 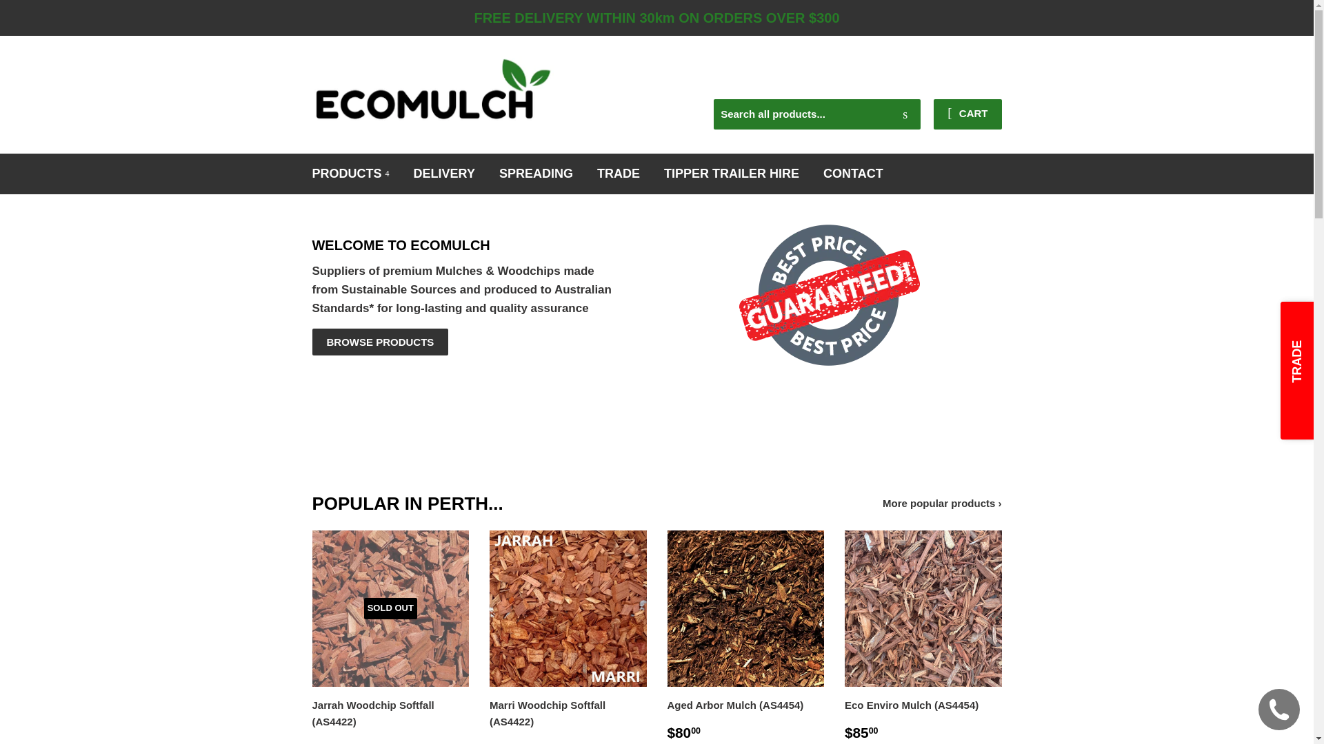 I want to click on 'CART', so click(x=966, y=113).